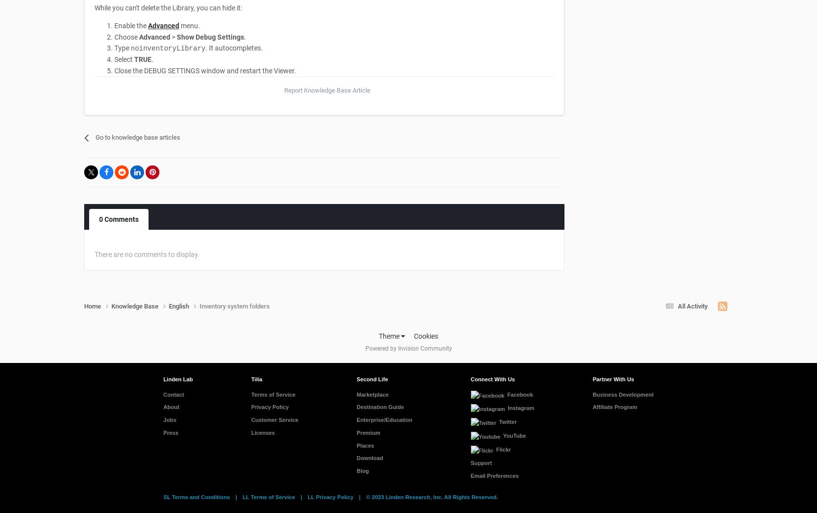  Describe the element at coordinates (136, 306) in the screenshot. I see `'Knowledge Base'` at that location.